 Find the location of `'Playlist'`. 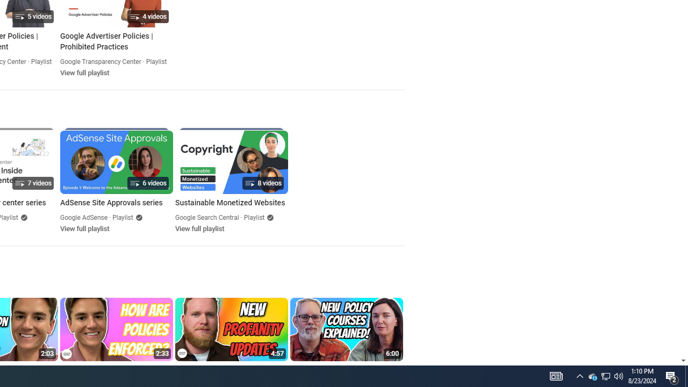

'Playlist' is located at coordinates (253, 218).